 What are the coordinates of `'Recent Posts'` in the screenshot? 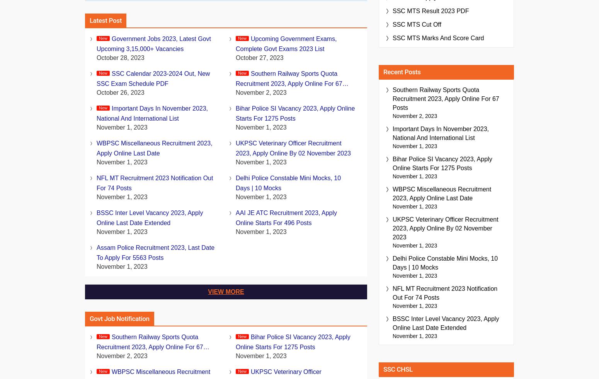 It's located at (402, 72).